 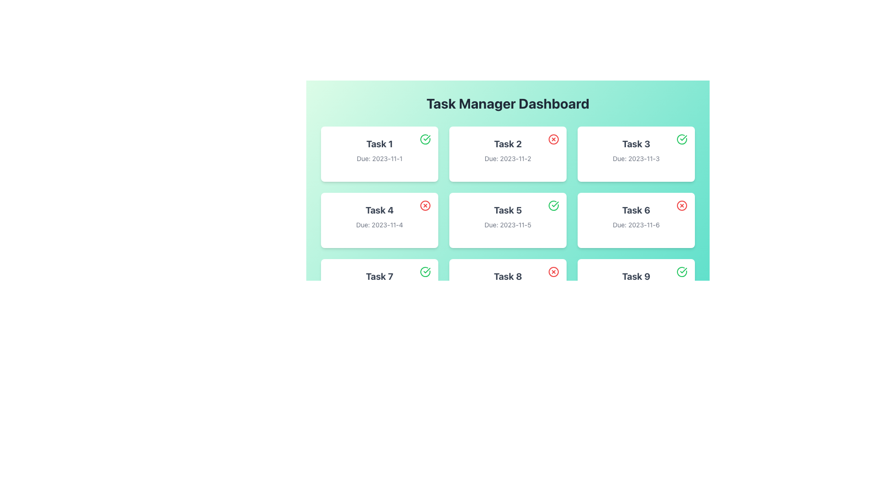 I want to click on the text label element displaying 'Task 3', which is styled in bold and large font, located at the top-center of a rectangular card with a white background and rounded corners, so click(x=636, y=144).